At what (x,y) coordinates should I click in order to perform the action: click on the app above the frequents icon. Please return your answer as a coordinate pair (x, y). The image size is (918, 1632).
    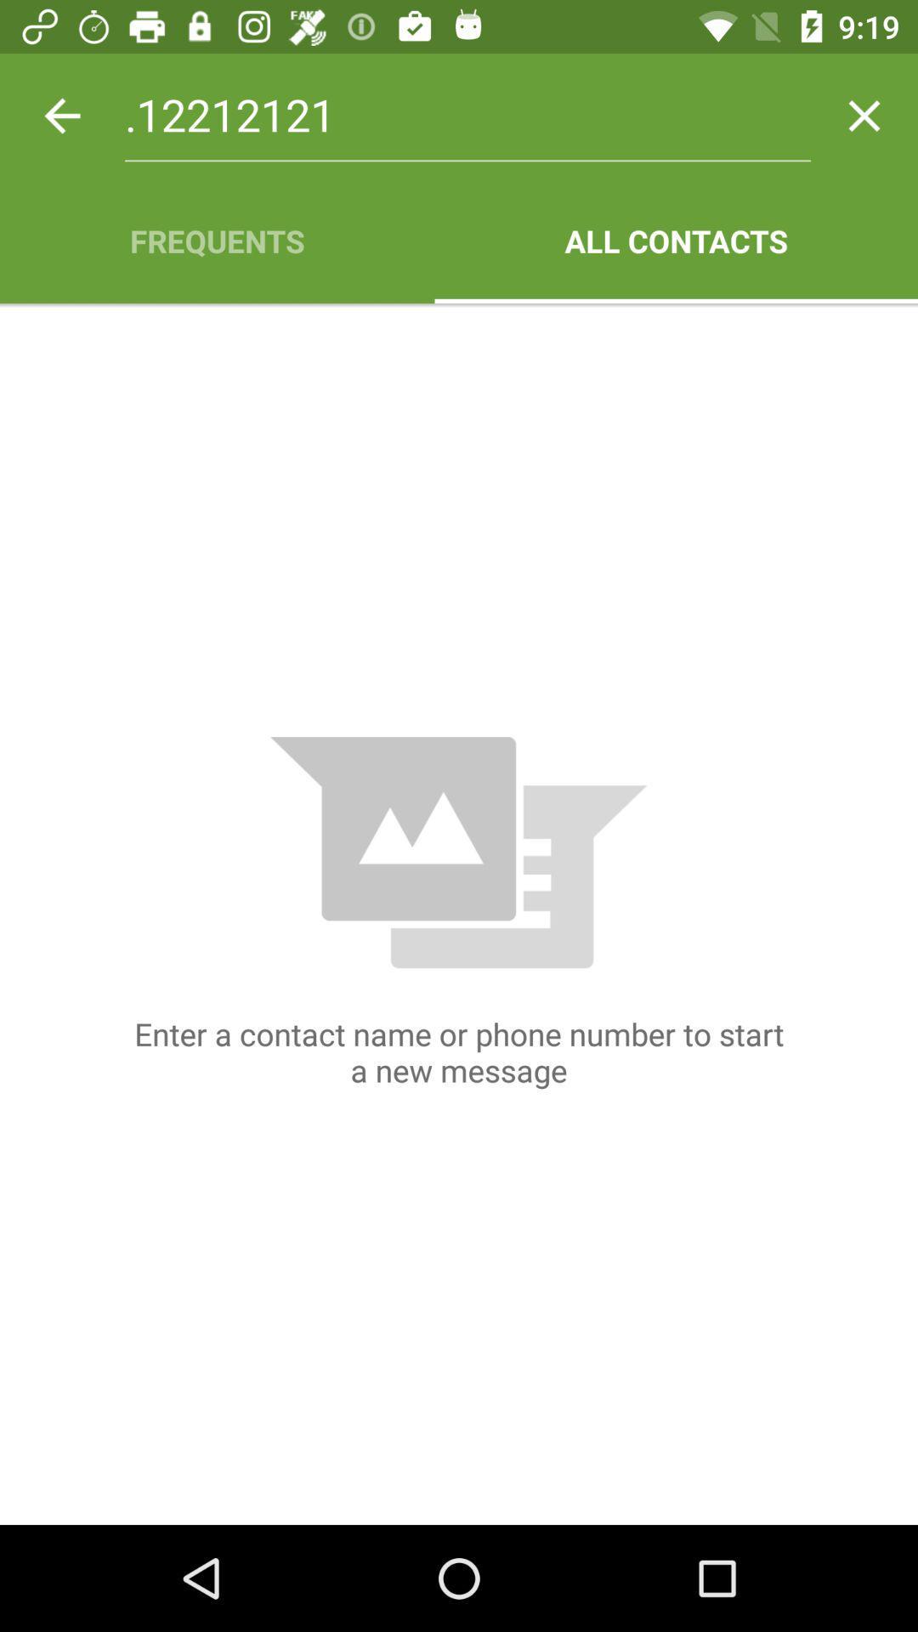
    Looking at the image, I should click on (467, 115).